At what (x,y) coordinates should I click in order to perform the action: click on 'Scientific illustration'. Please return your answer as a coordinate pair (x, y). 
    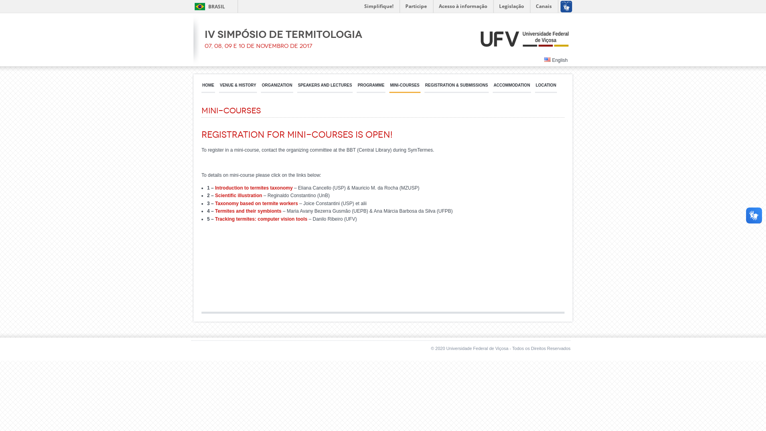
    Looking at the image, I should click on (238, 195).